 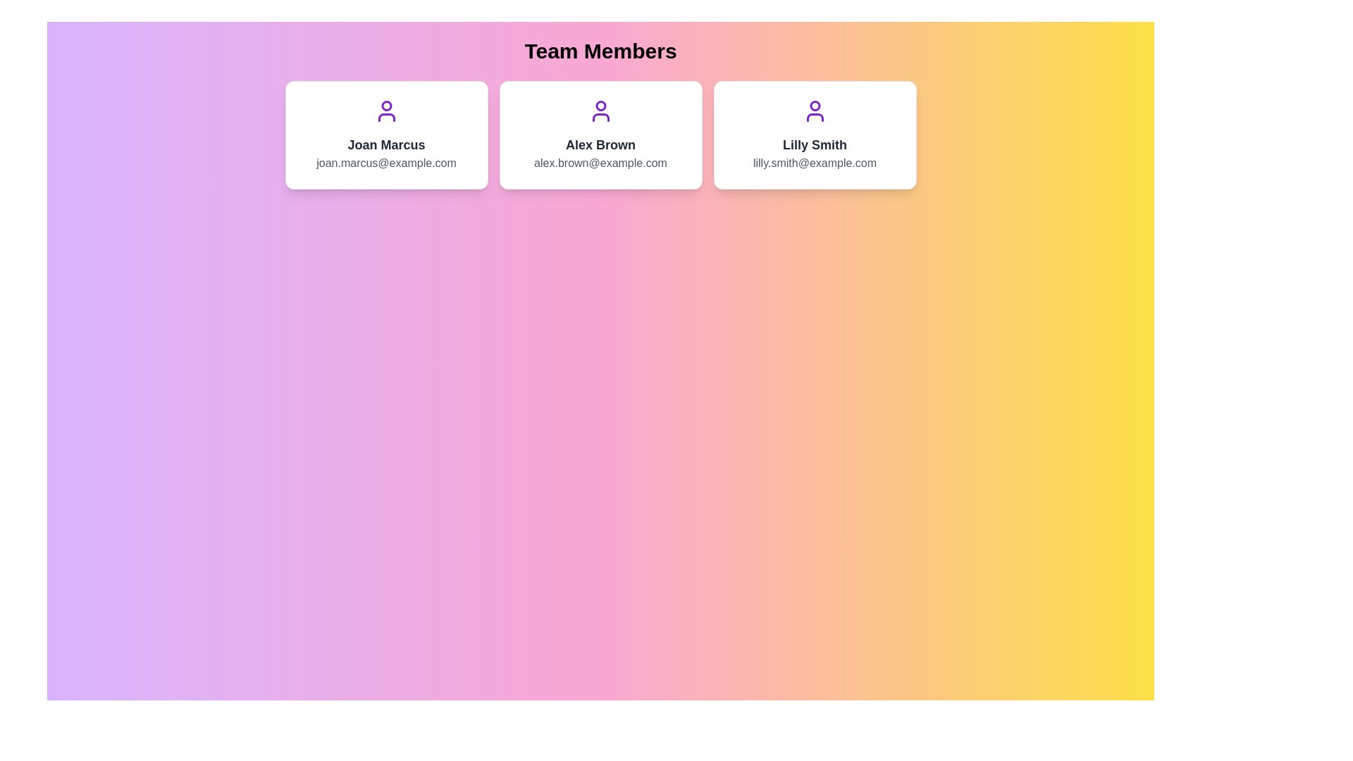 What do you see at coordinates (815, 144) in the screenshot?
I see `the text label displaying 'Lilly Smith', which is a bold and large font text centered in a white rectangular overlay with a rounded border, positioned within a card structure below a user icon and above an email text` at bounding box center [815, 144].